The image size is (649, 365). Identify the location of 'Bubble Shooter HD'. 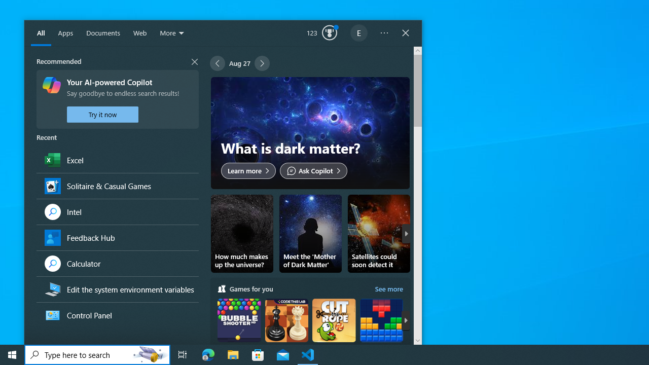
(238, 330).